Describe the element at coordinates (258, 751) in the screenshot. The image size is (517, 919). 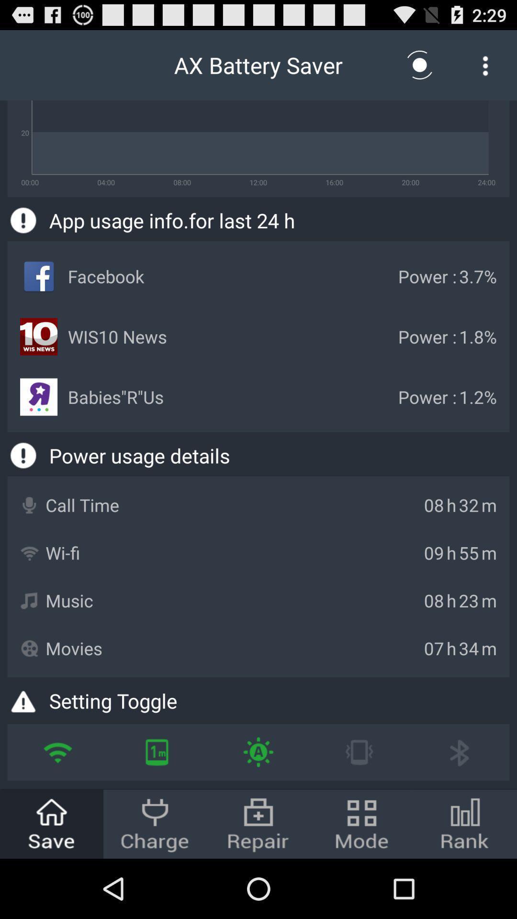
I see `the app below app usage info item` at that location.